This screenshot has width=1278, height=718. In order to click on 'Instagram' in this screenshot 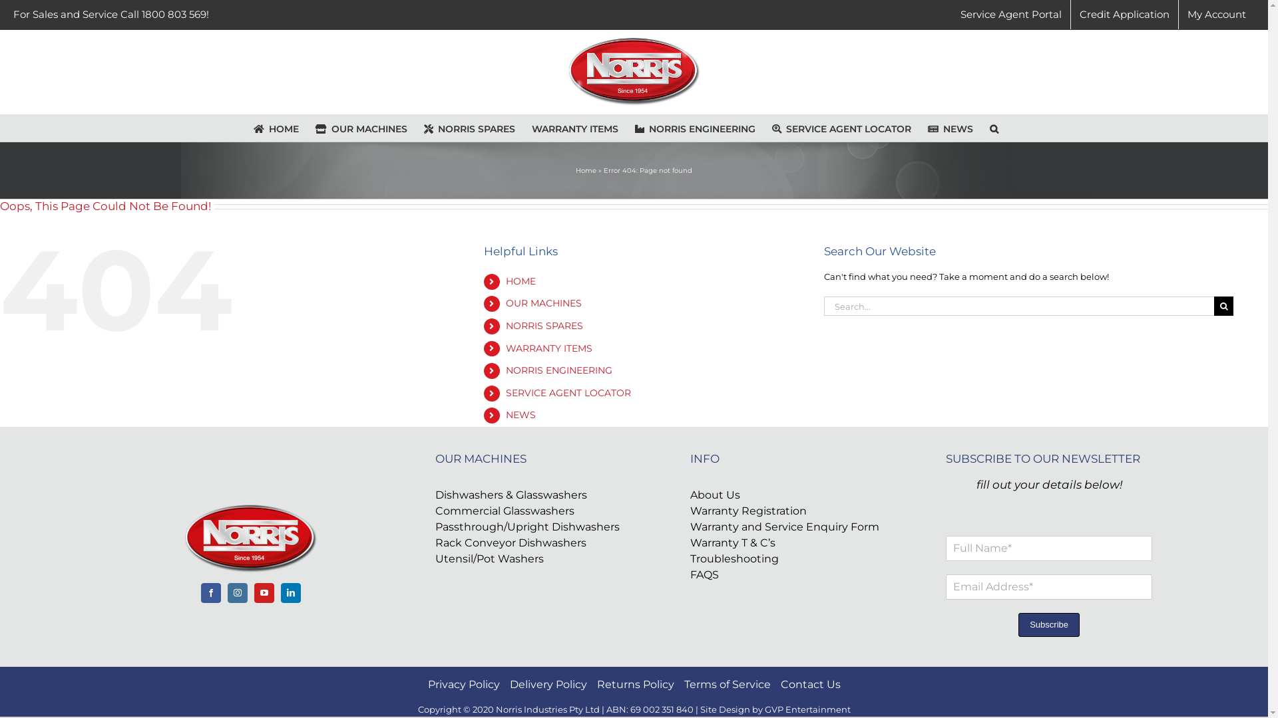, I will do `click(237, 592)`.